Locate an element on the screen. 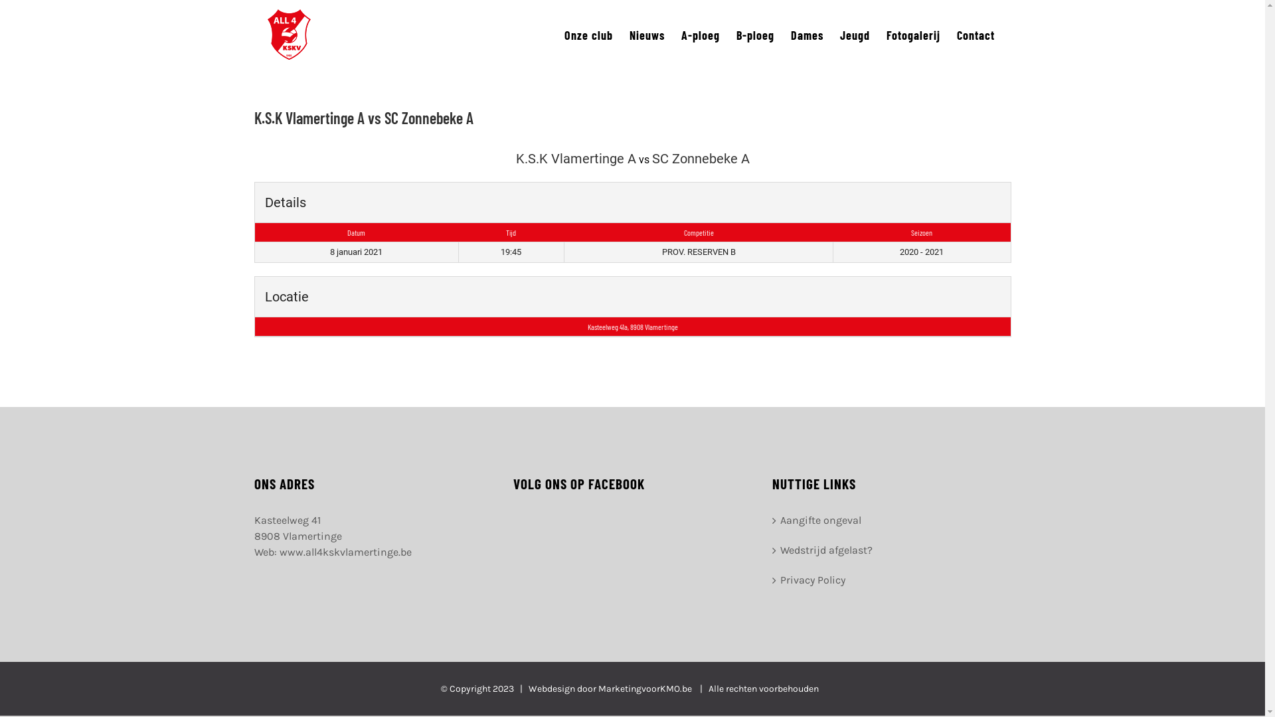  'www.all4kskvlamertinge.be' is located at coordinates (345, 552).